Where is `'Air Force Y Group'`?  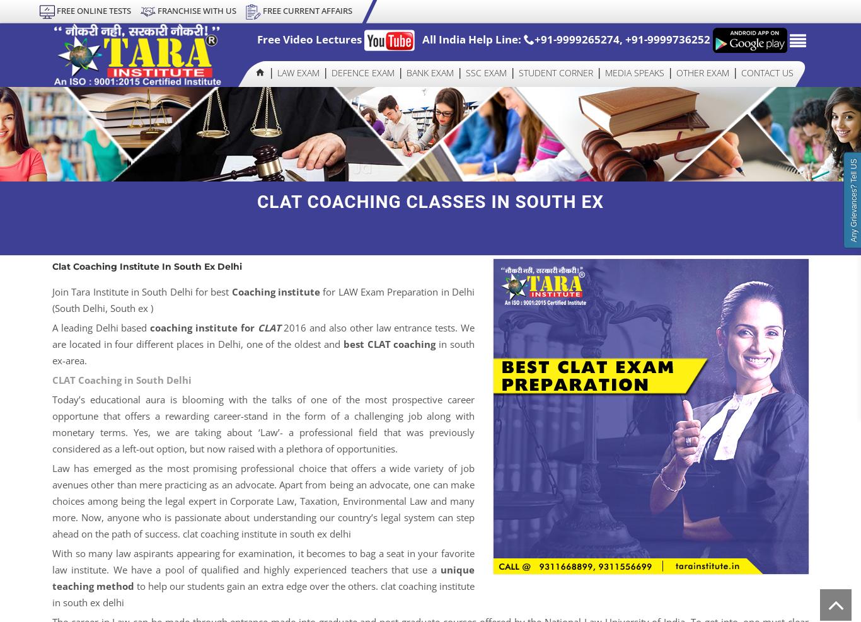
'Air Force Y Group' is located at coordinates (373, 217).